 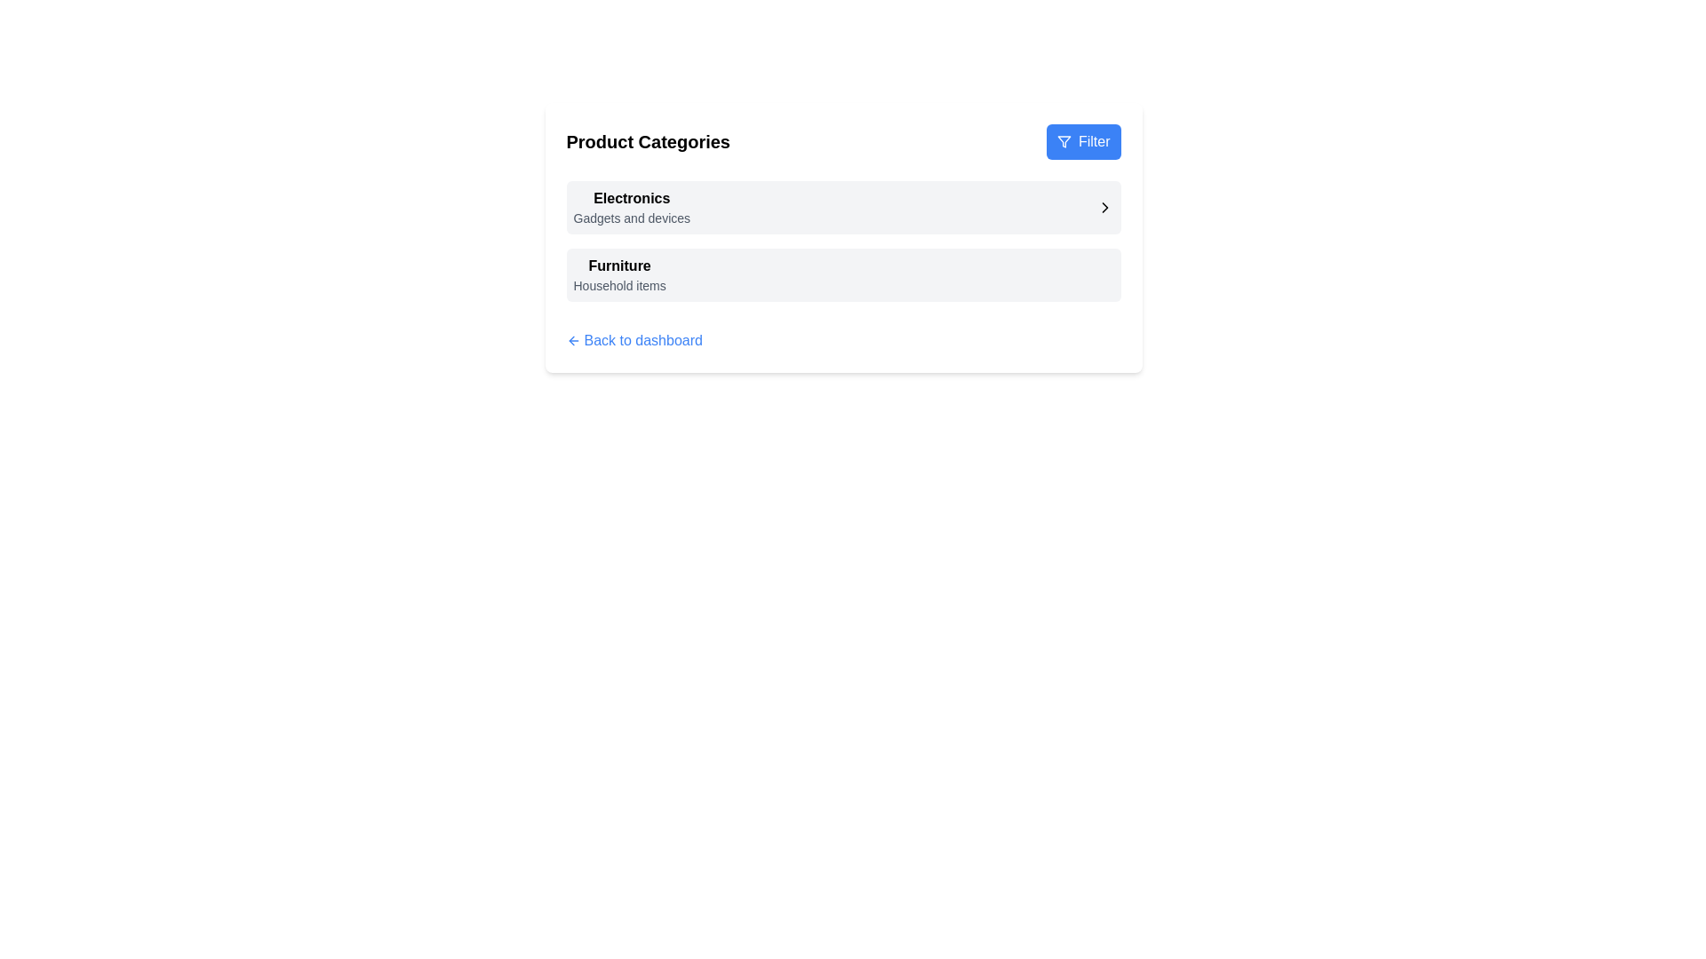 What do you see at coordinates (842, 207) in the screenshot?
I see `the first clickable list item labeled 'Electronics' in the product categories` at bounding box center [842, 207].